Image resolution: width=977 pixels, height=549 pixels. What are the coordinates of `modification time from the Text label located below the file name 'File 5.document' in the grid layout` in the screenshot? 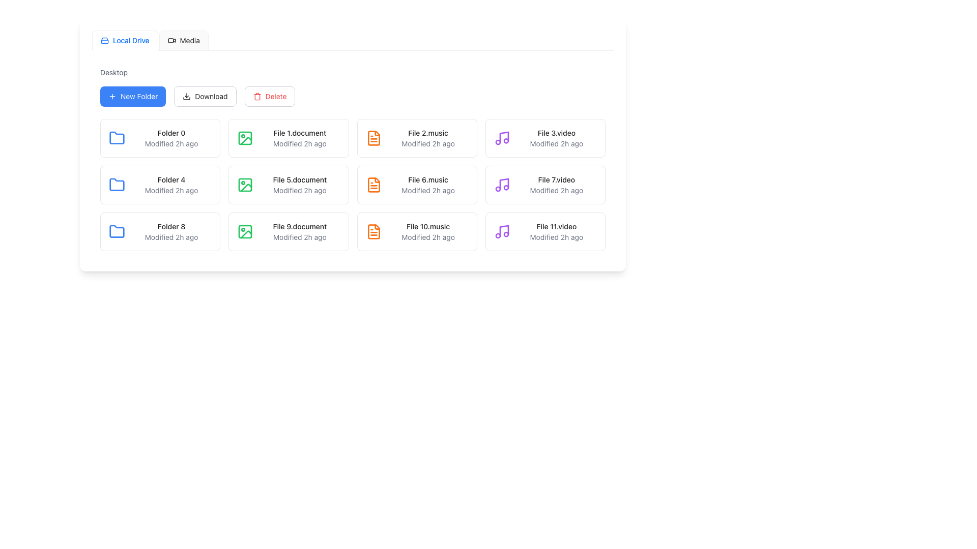 It's located at (299, 190).